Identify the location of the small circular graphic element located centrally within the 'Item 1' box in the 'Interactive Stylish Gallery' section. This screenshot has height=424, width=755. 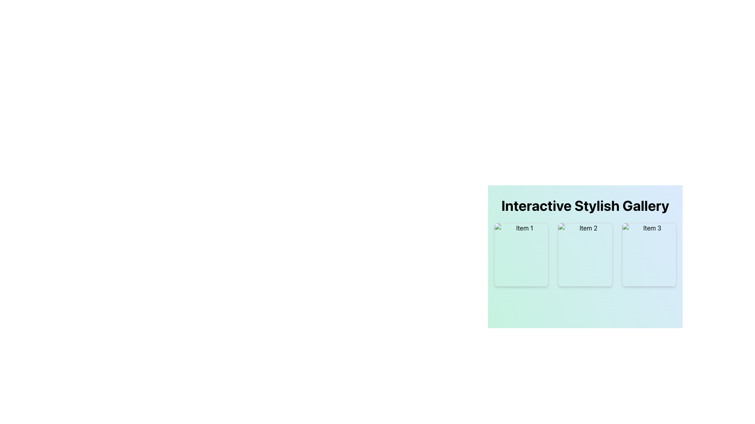
(521, 254).